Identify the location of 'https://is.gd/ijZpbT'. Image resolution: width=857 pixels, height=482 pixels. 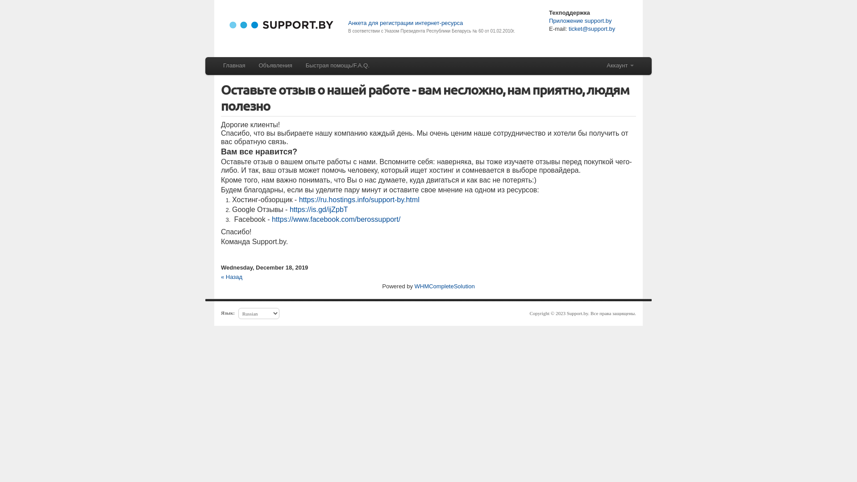
(319, 209).